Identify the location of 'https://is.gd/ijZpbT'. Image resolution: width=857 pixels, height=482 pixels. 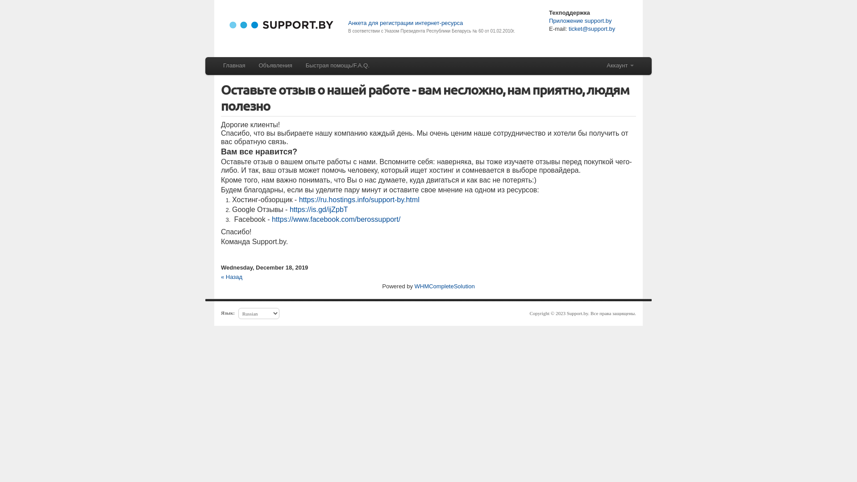
(319, 209).